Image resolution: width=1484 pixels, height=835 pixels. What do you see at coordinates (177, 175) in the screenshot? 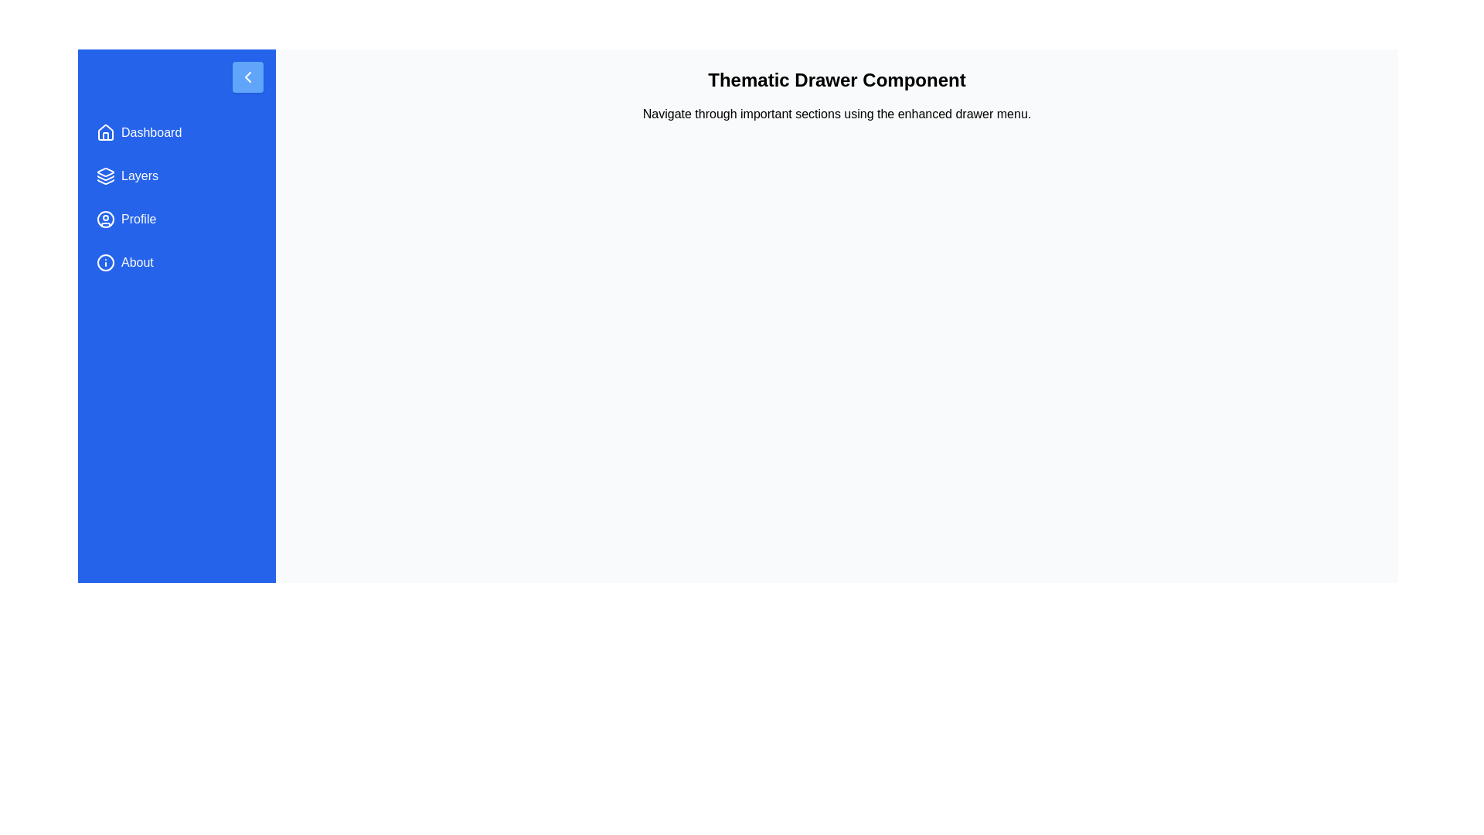
I see `the menu item labeled Layers` at bounding box center [177, 175].